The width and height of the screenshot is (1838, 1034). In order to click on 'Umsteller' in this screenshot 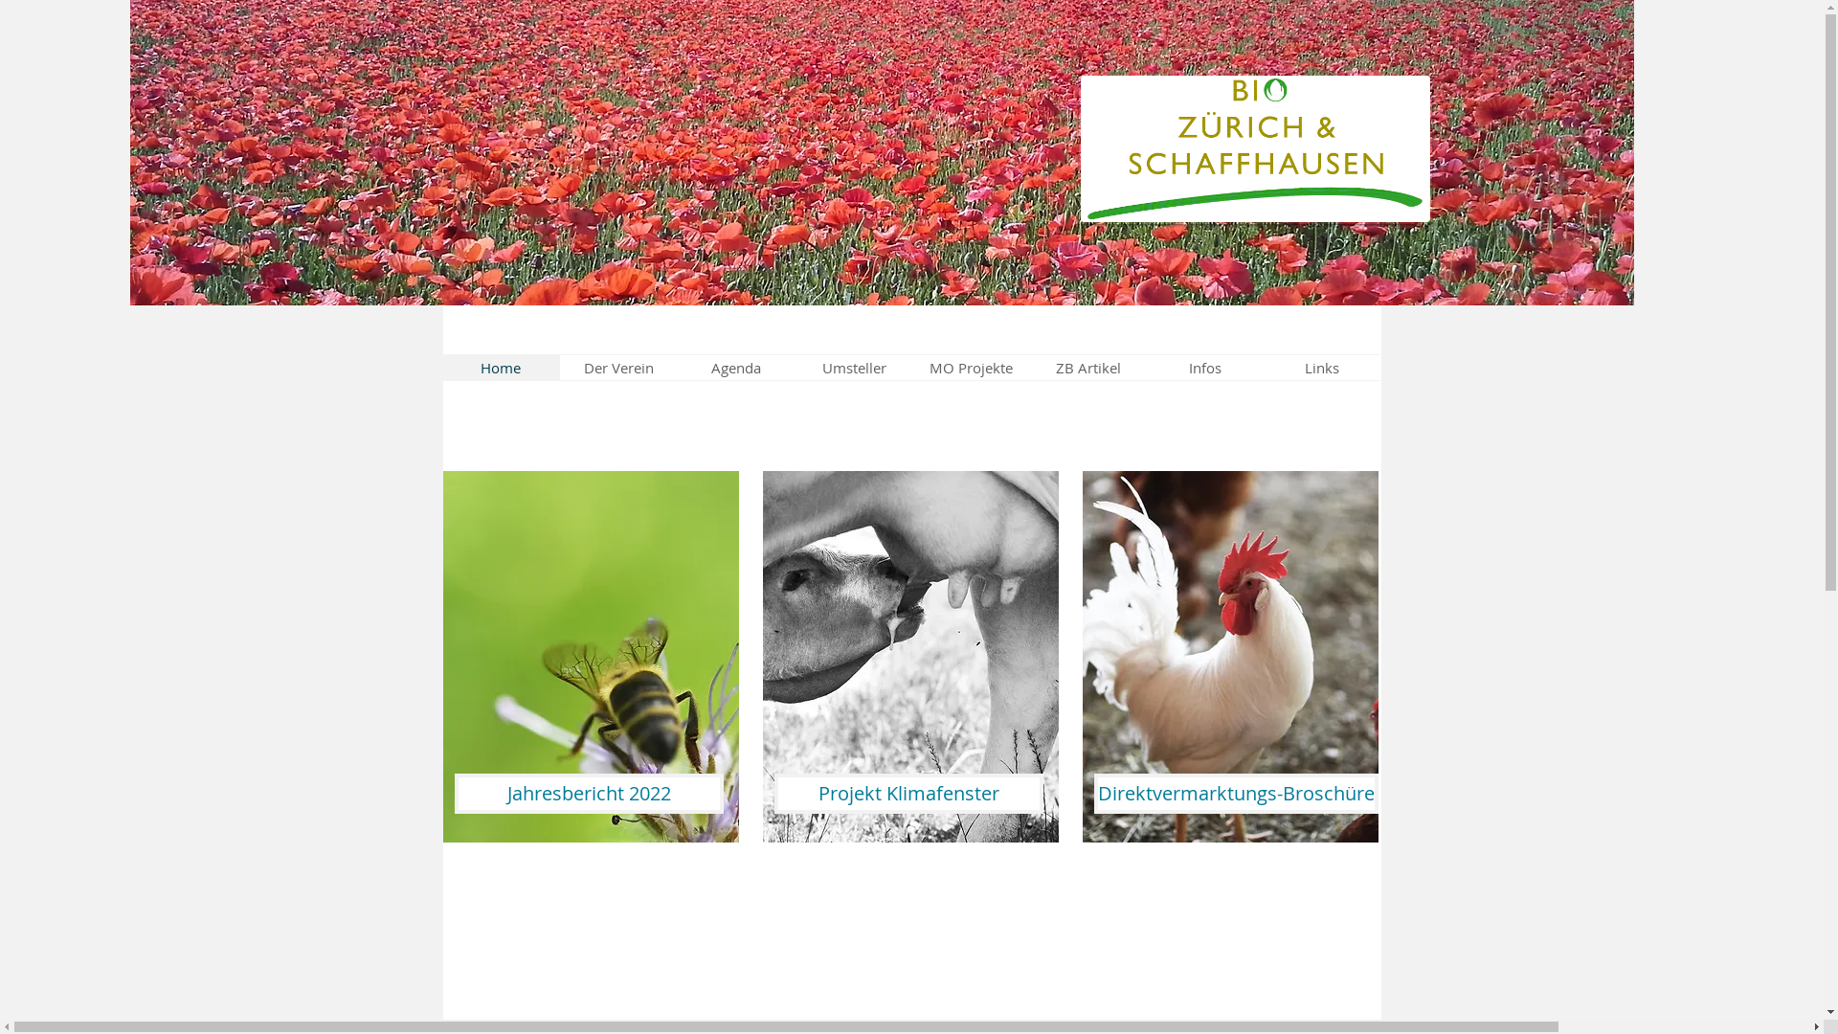, I will do `click(852, 368)`.